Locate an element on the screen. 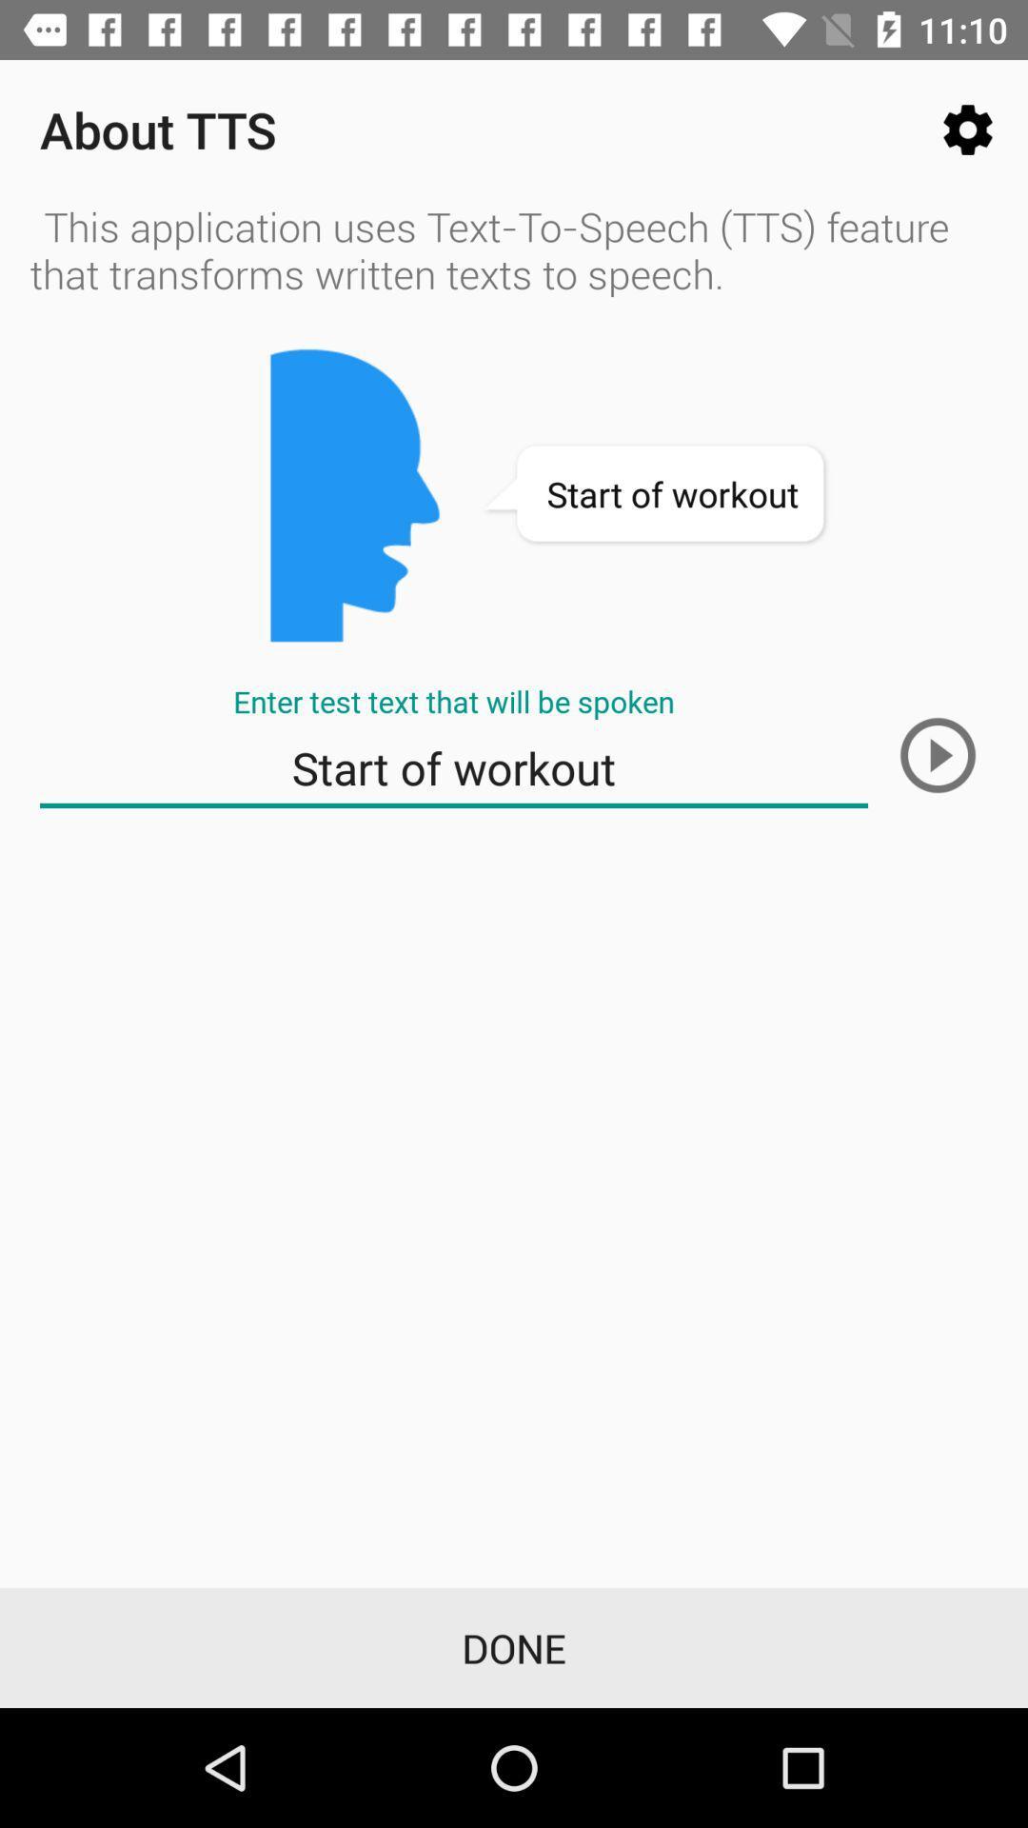  the play icon is located at coordinates (937, 754).